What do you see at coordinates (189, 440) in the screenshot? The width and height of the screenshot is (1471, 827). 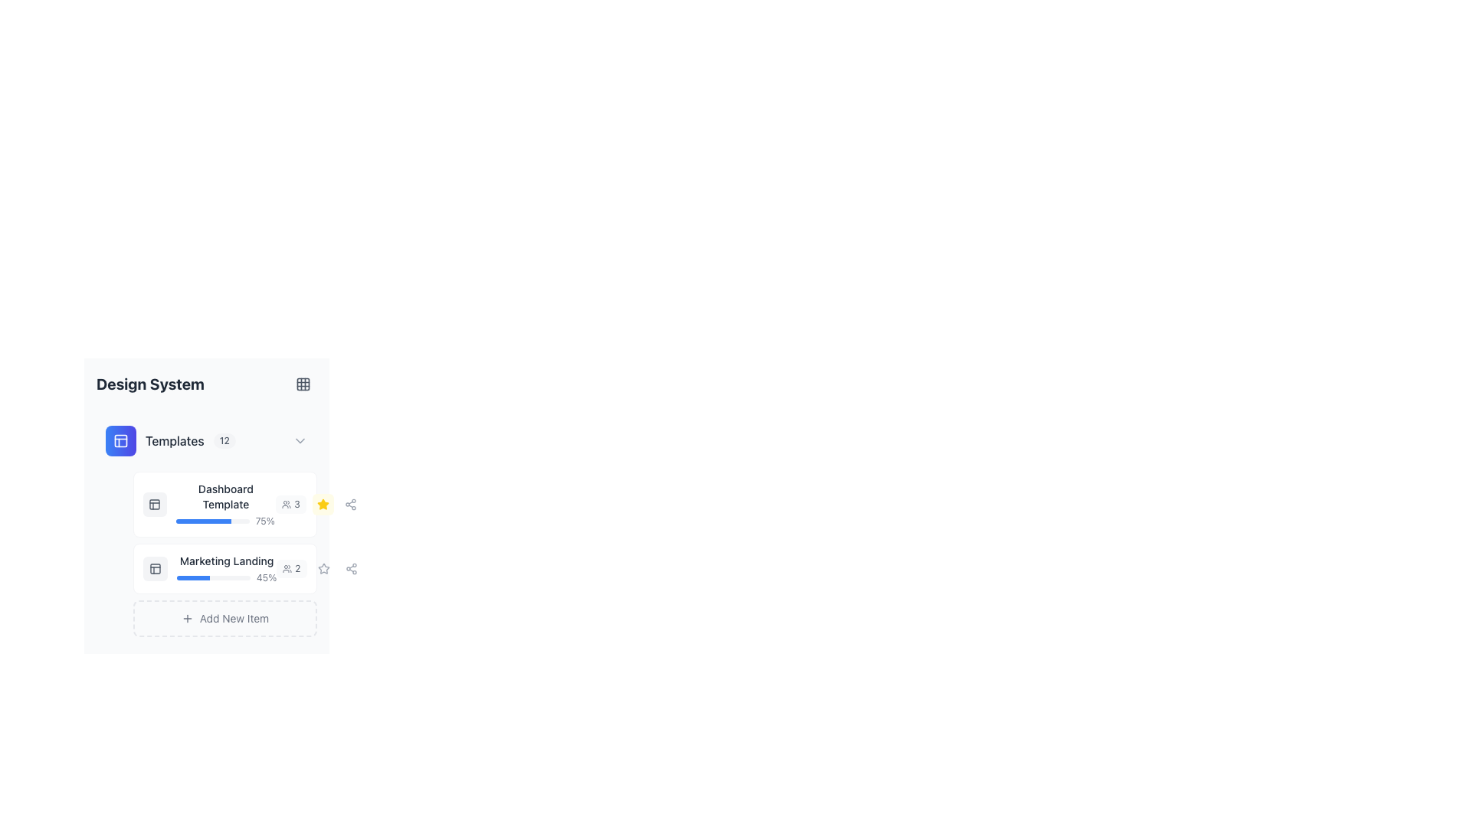 I see `the text-based informational element labeled 'Templates' with count '12', located under the blue folder icon in the 'Design System' menu` at bounding box center [189, 440].